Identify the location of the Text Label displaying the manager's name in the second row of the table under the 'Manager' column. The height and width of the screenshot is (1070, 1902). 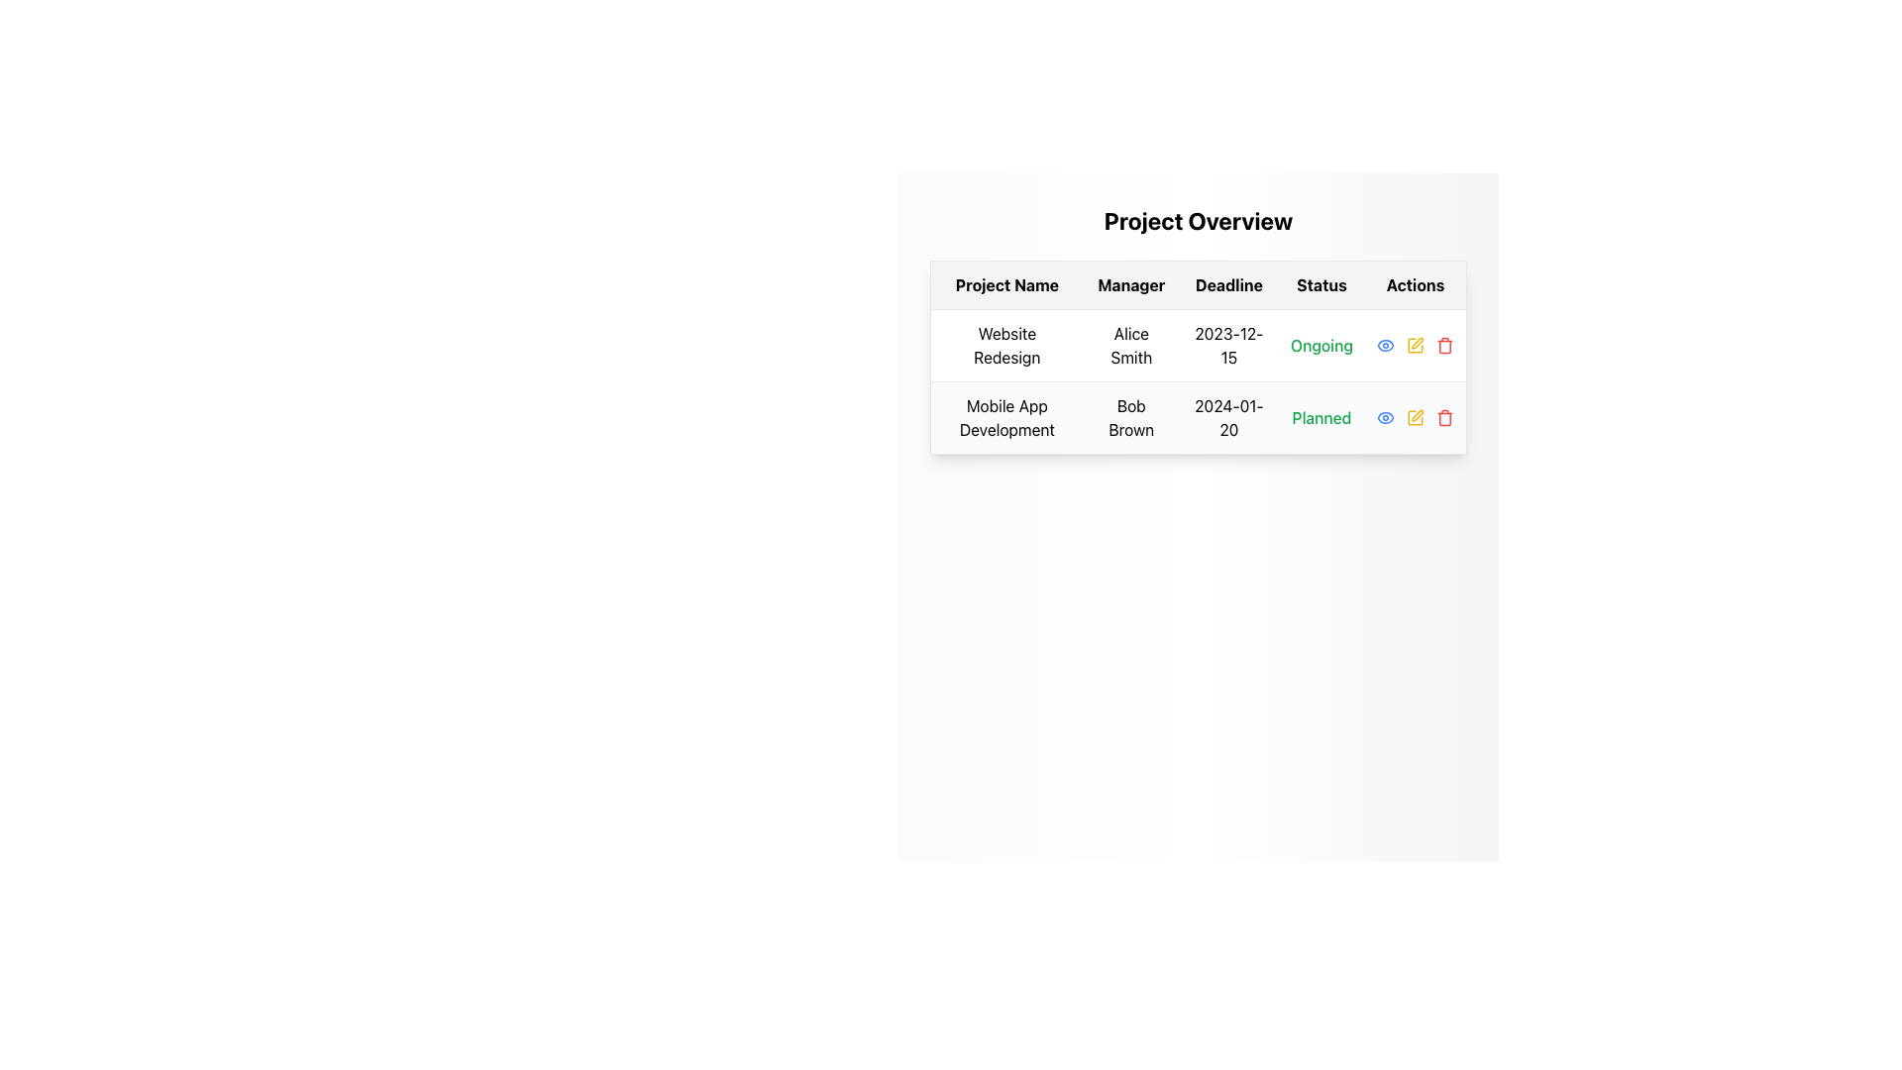
(1131, 416).